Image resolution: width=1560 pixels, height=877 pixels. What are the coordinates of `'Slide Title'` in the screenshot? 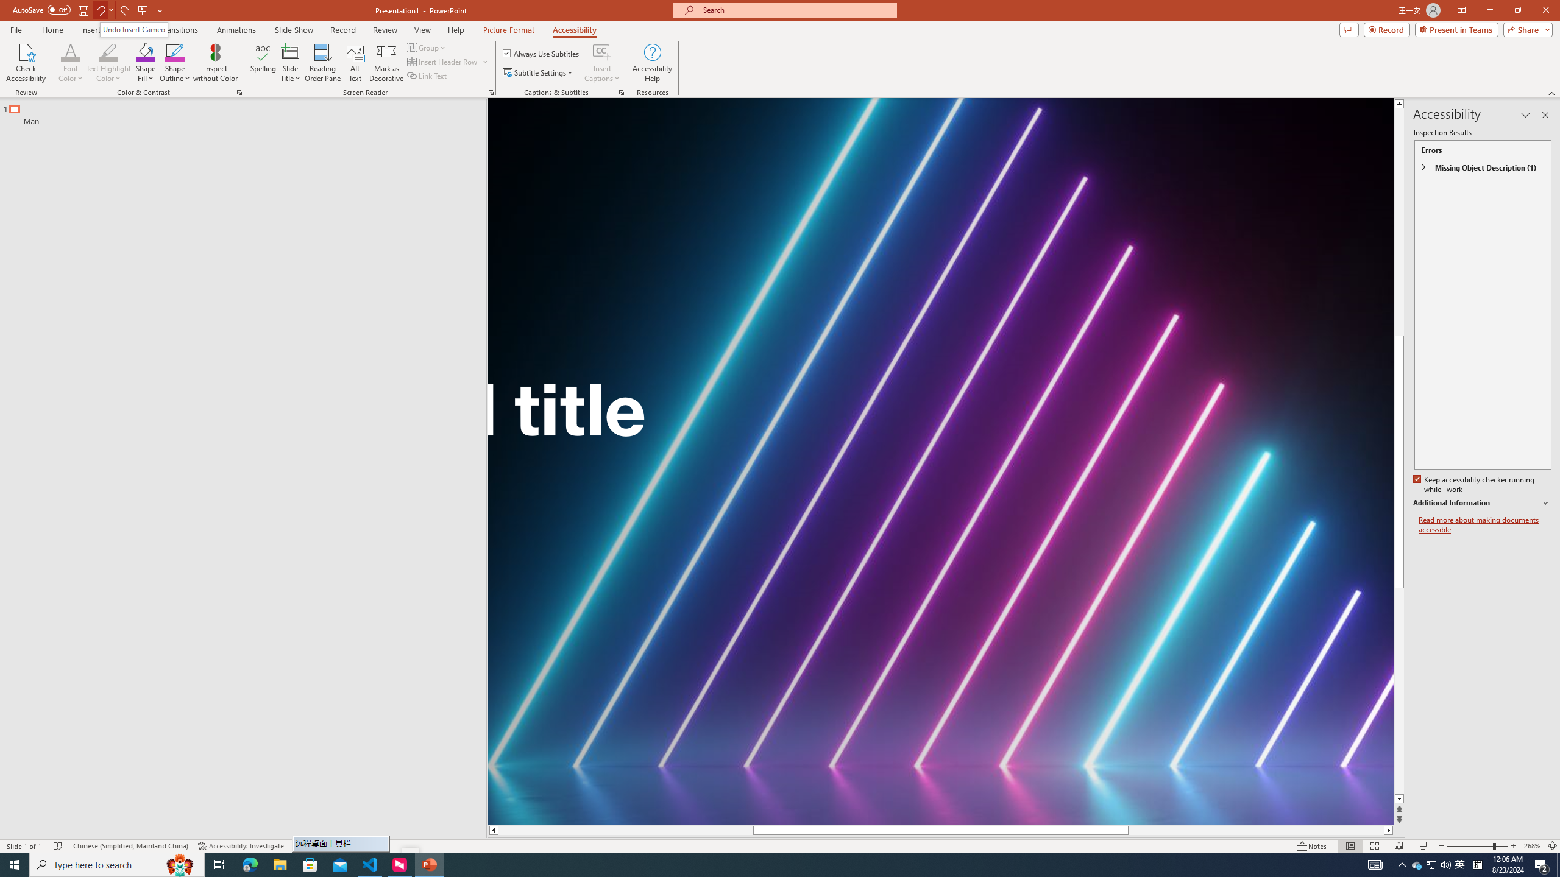 It's located at (290, 51).